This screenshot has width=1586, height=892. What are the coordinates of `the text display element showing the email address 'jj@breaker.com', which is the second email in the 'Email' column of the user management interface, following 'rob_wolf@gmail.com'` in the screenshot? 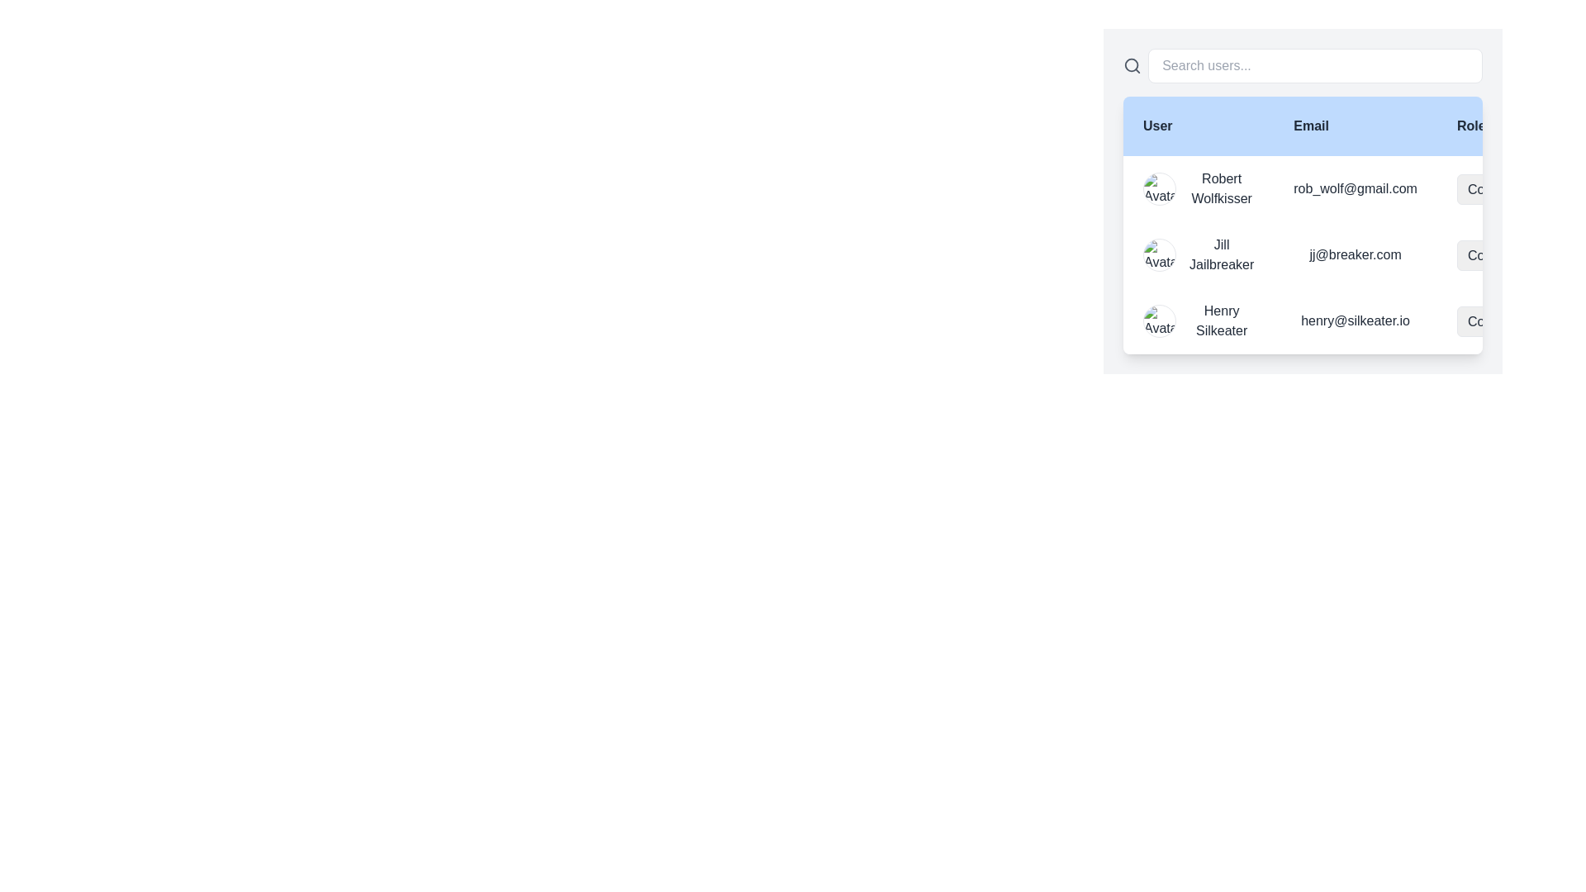 It's located at (1356, 254).